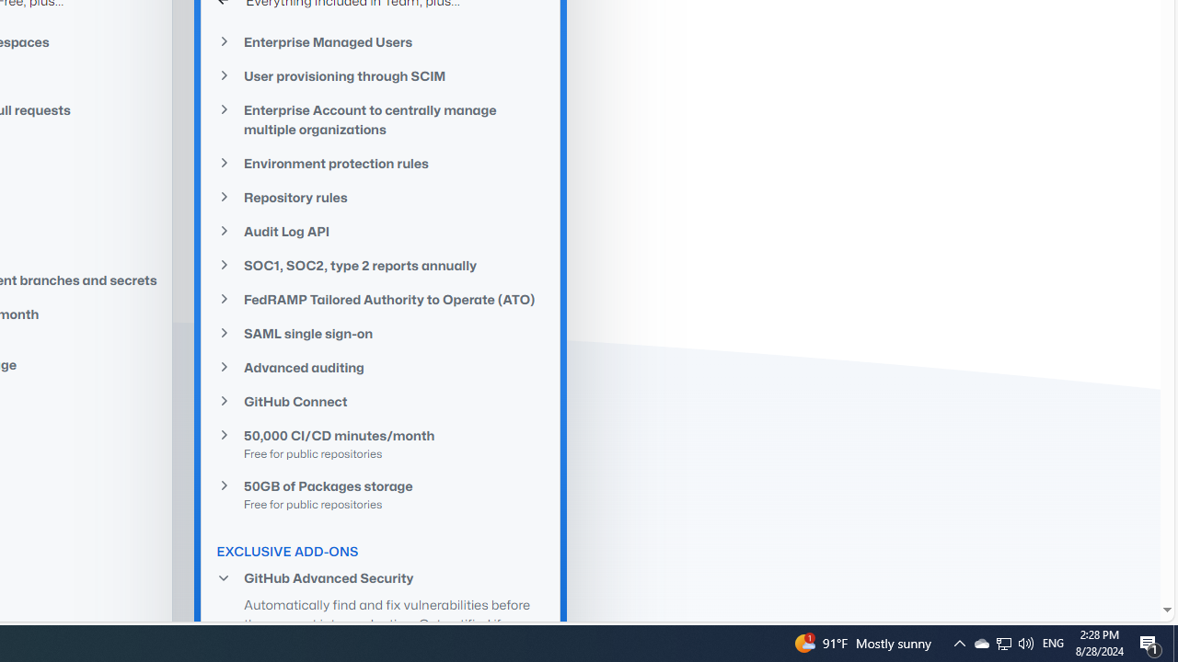 This screenshot has width=1178, height=662. Describe the element at coordinates (380, 444) in the screenshot. I see `'50,000 CI/CD minutes/month Free for public repositories'` at that location.